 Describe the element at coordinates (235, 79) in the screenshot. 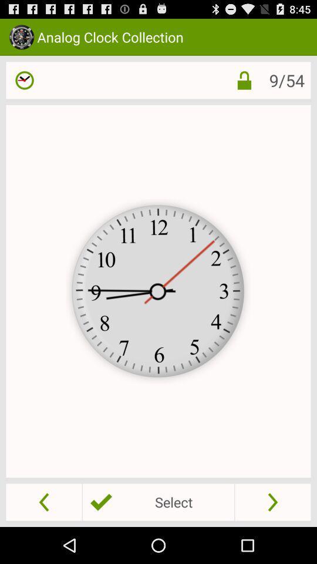

I see `lock setting` at that location.